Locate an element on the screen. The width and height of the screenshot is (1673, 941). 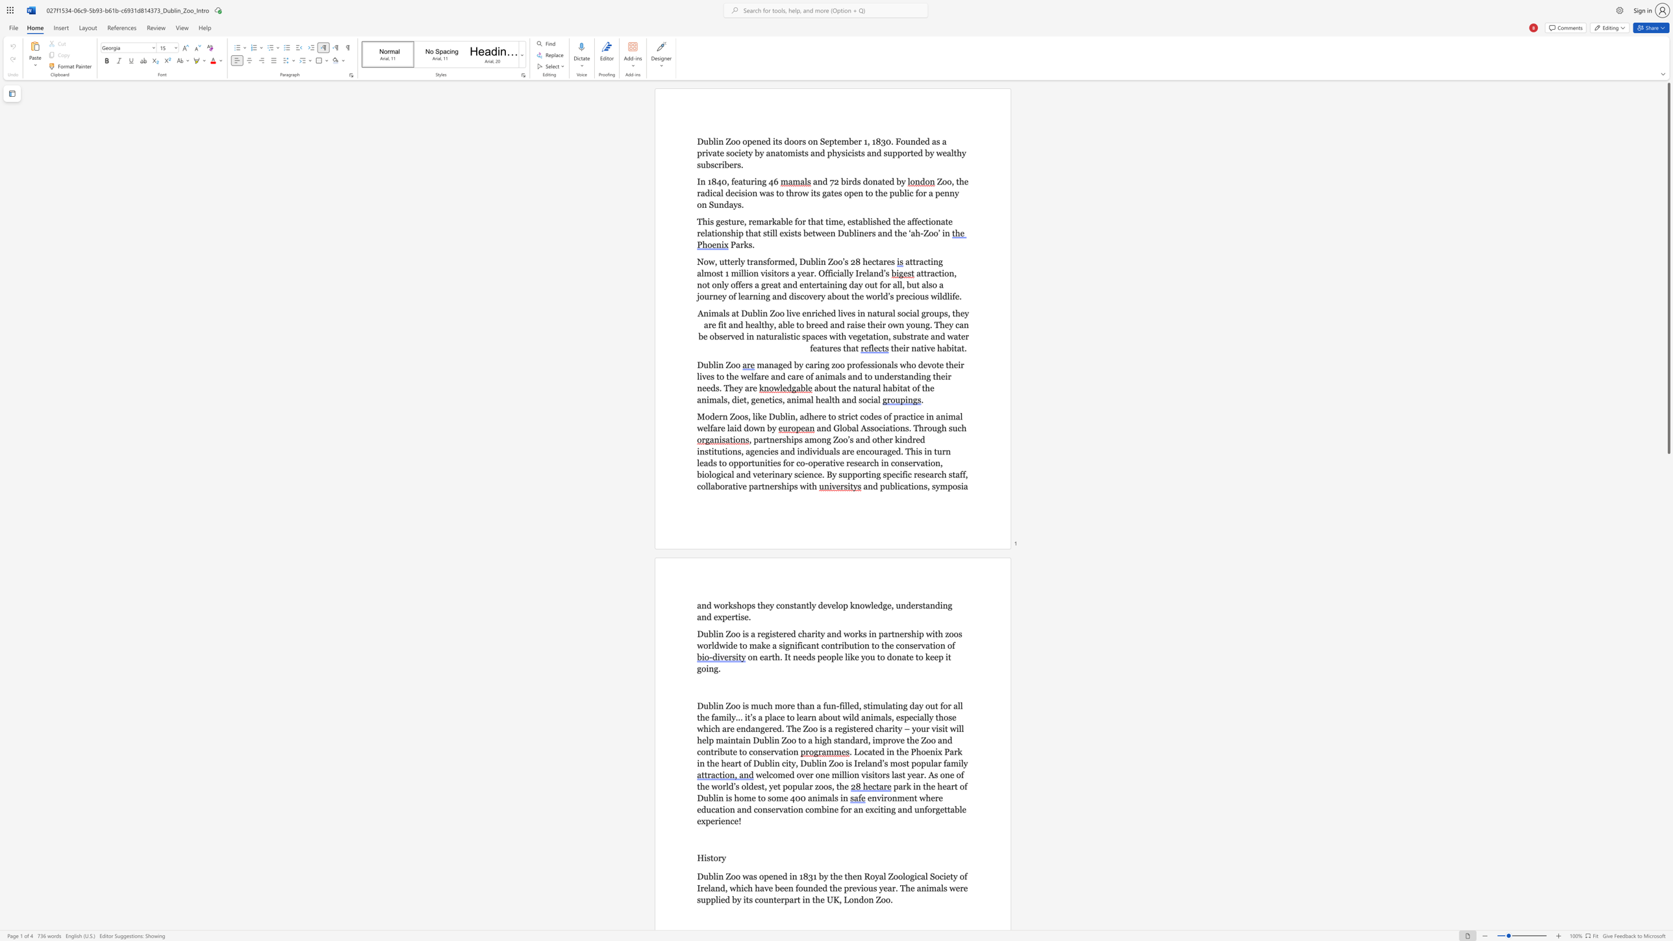
the 2th character "n" in the text is located at coordinates (857, 773).